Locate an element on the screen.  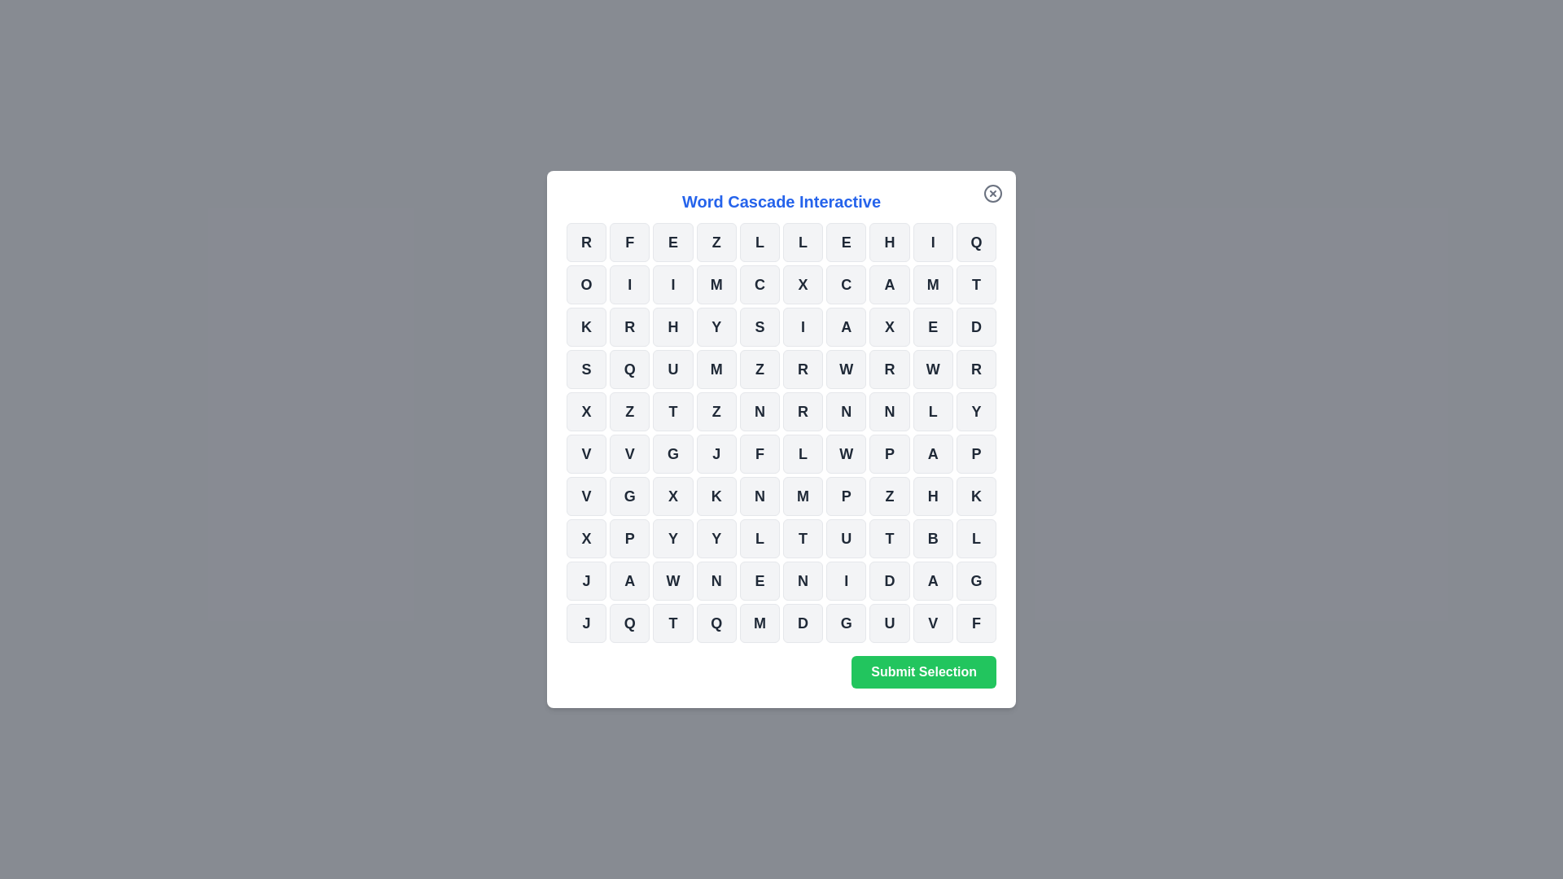
the 'Submit Selection' button to submit the selected cells is located at coordinates (923, 671).